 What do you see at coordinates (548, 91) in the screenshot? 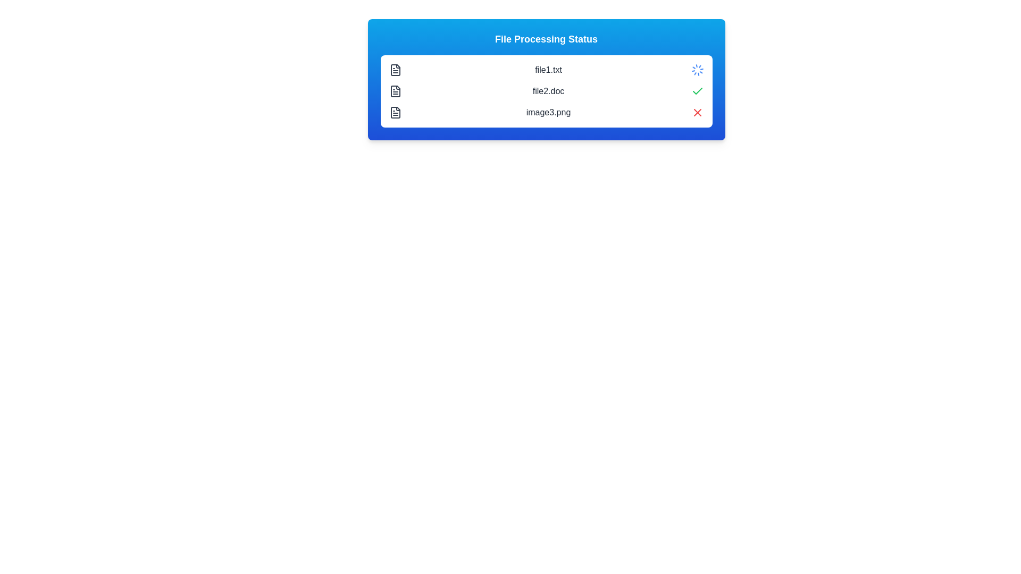
I see `the second text label in the file list that identifies a file, located between the file icon on the left and the green checkmark icon on the right` at bounding box center [548, 91].